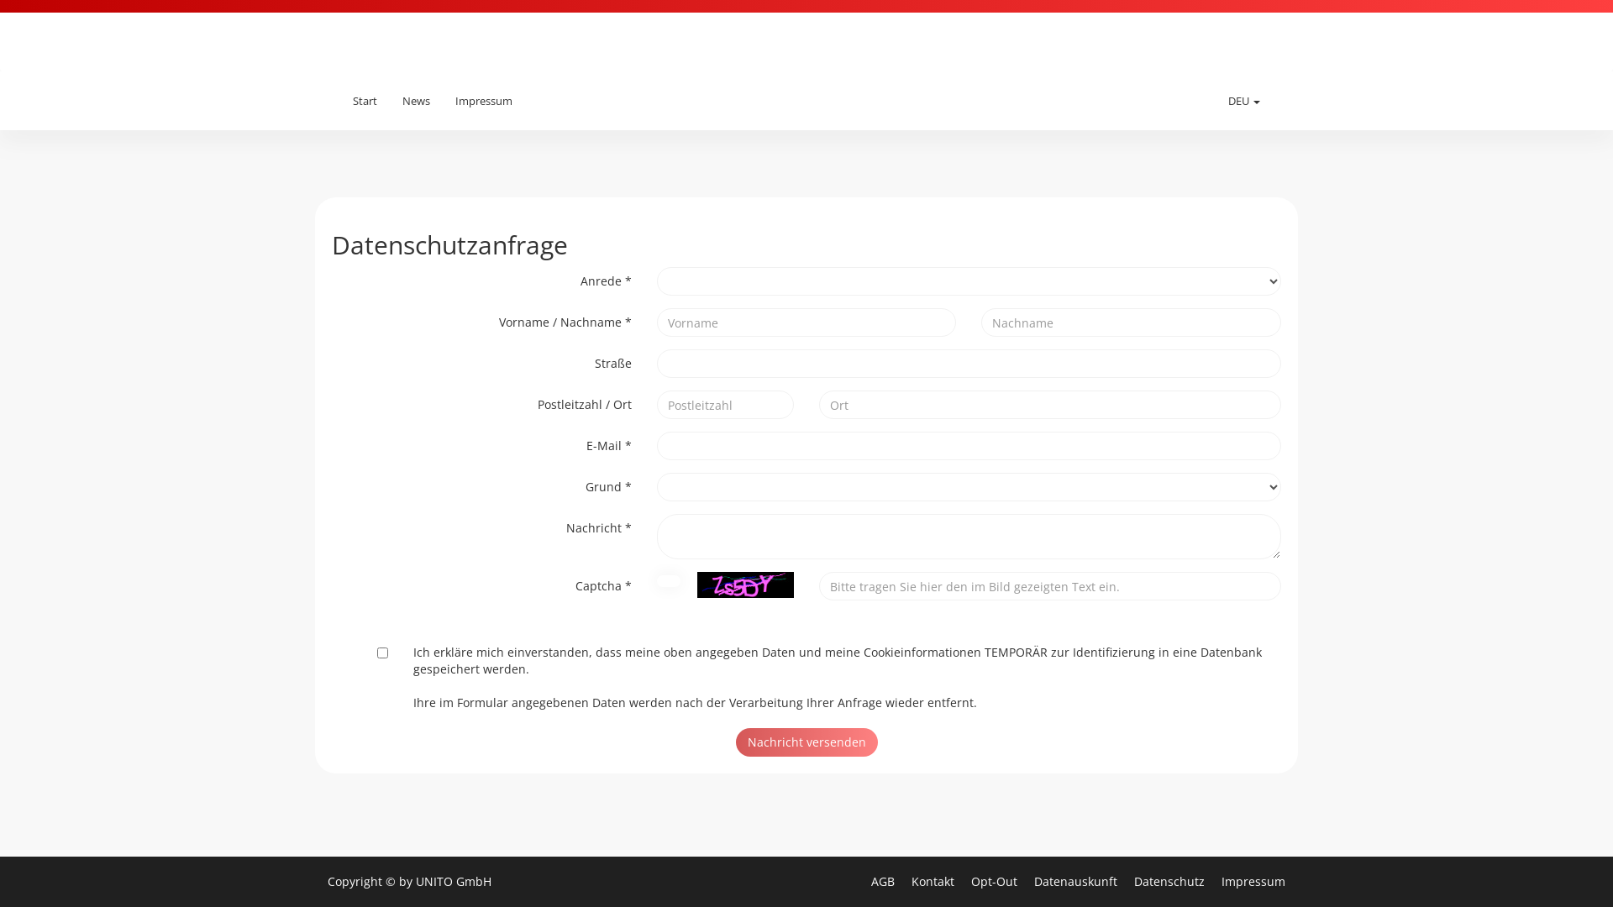 This screenshot has height=907, width=1613. I want to click on 'Datenschutz', so click(1169, 880).